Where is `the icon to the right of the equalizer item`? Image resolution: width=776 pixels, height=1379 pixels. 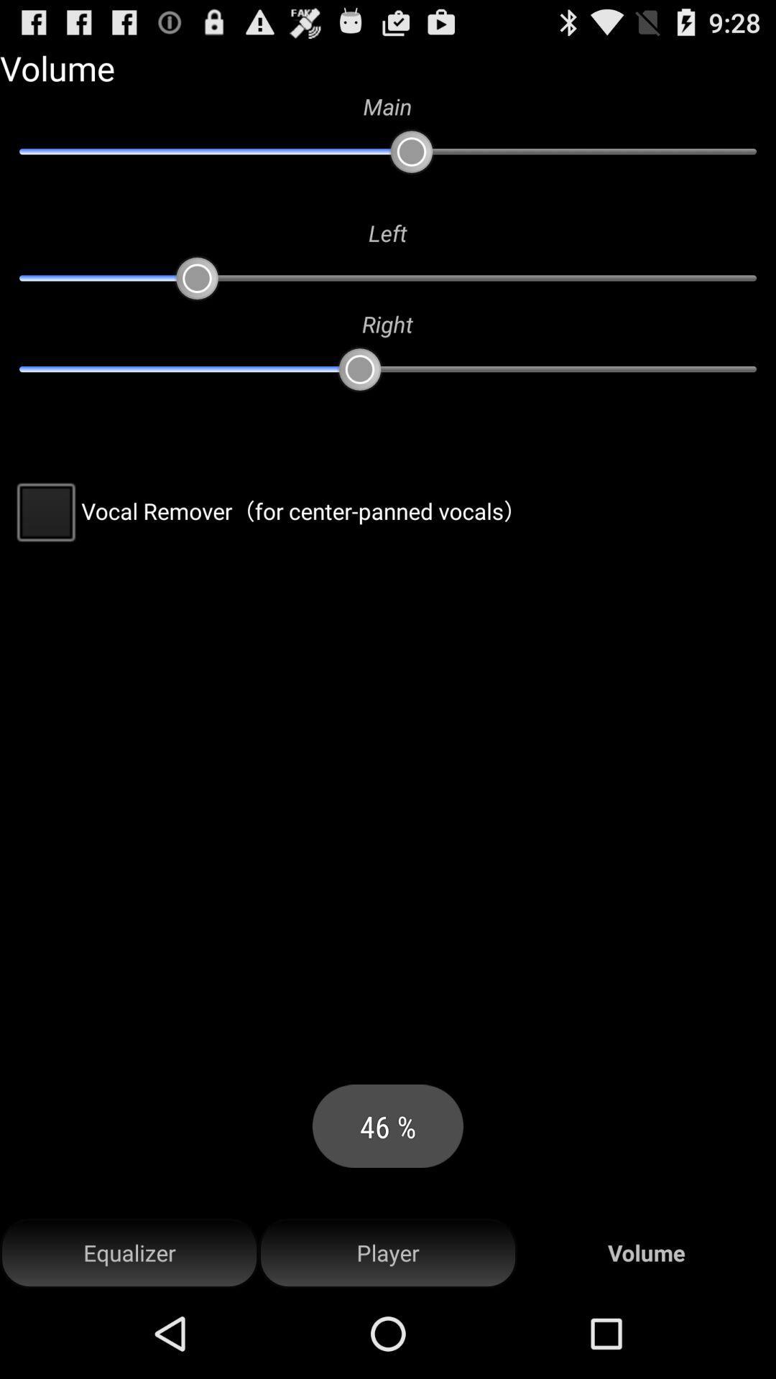 the icon to the right of the equalizer item is located at coordinates (388, 1253).